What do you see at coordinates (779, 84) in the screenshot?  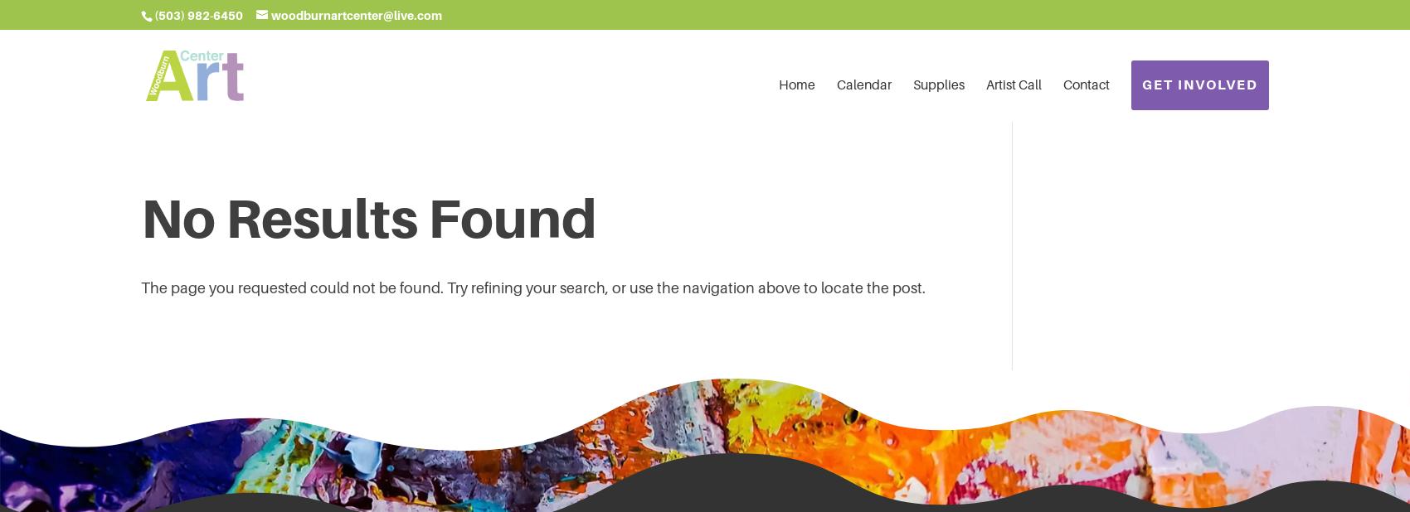 I see `'Home'` at bounding box center [779, 84].